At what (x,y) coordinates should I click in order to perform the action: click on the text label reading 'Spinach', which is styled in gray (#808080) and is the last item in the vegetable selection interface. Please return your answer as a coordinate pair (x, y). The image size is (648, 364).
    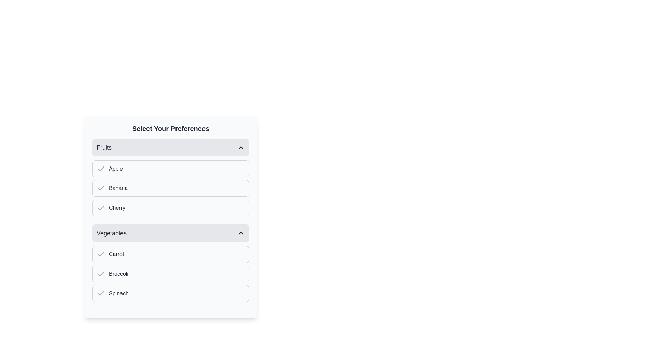
    Looking at the image, I should click on (118, 293).